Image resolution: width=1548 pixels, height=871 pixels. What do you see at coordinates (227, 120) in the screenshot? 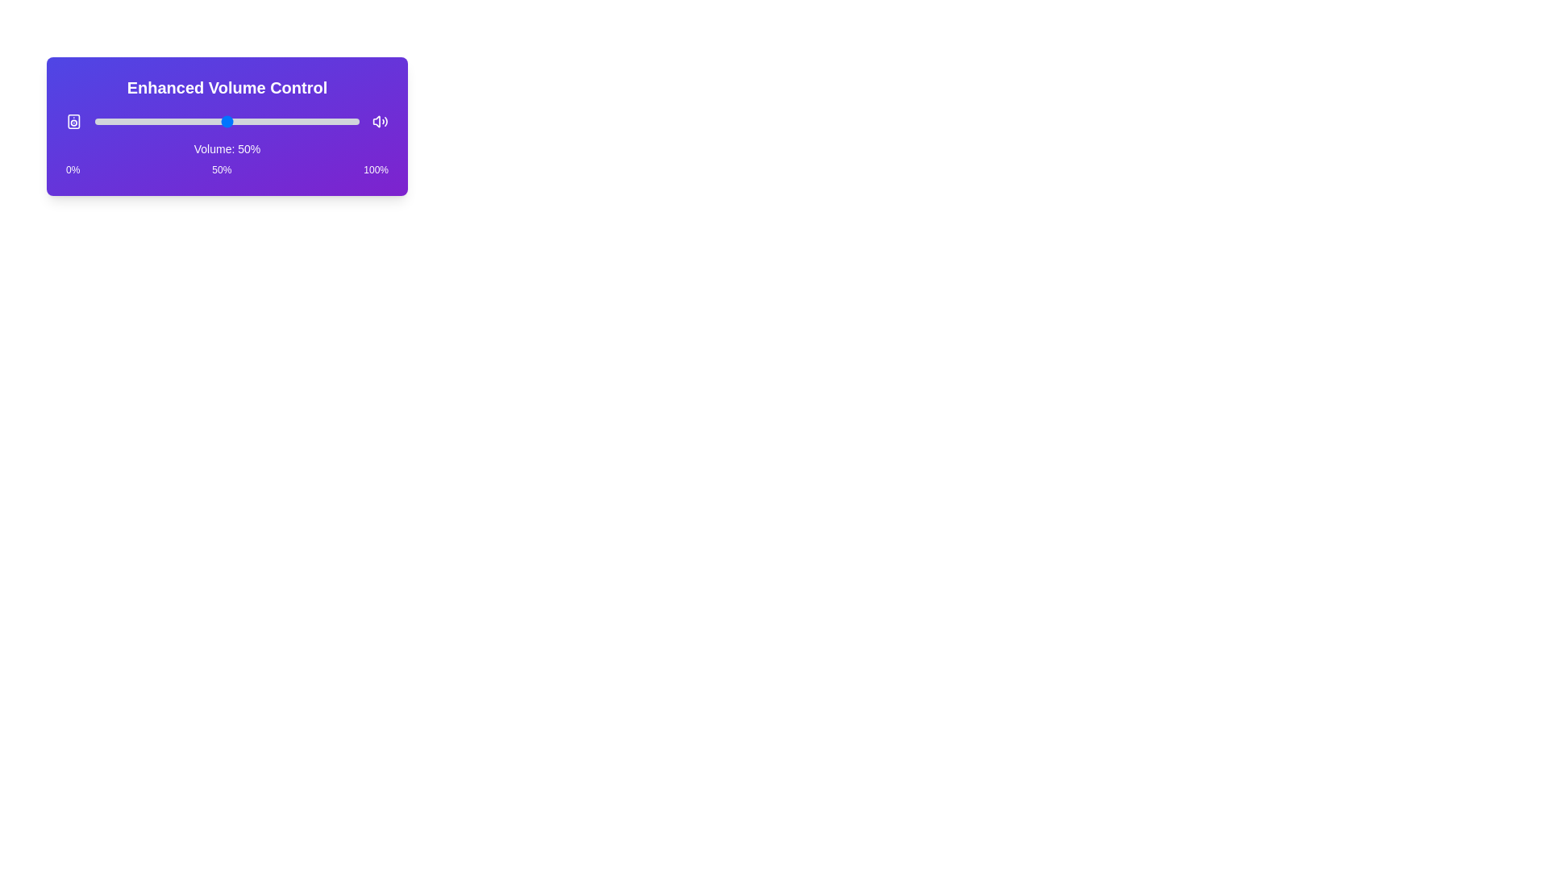
I see `the volume slider to set the volume to 50%` at bounding box center [227, 120].